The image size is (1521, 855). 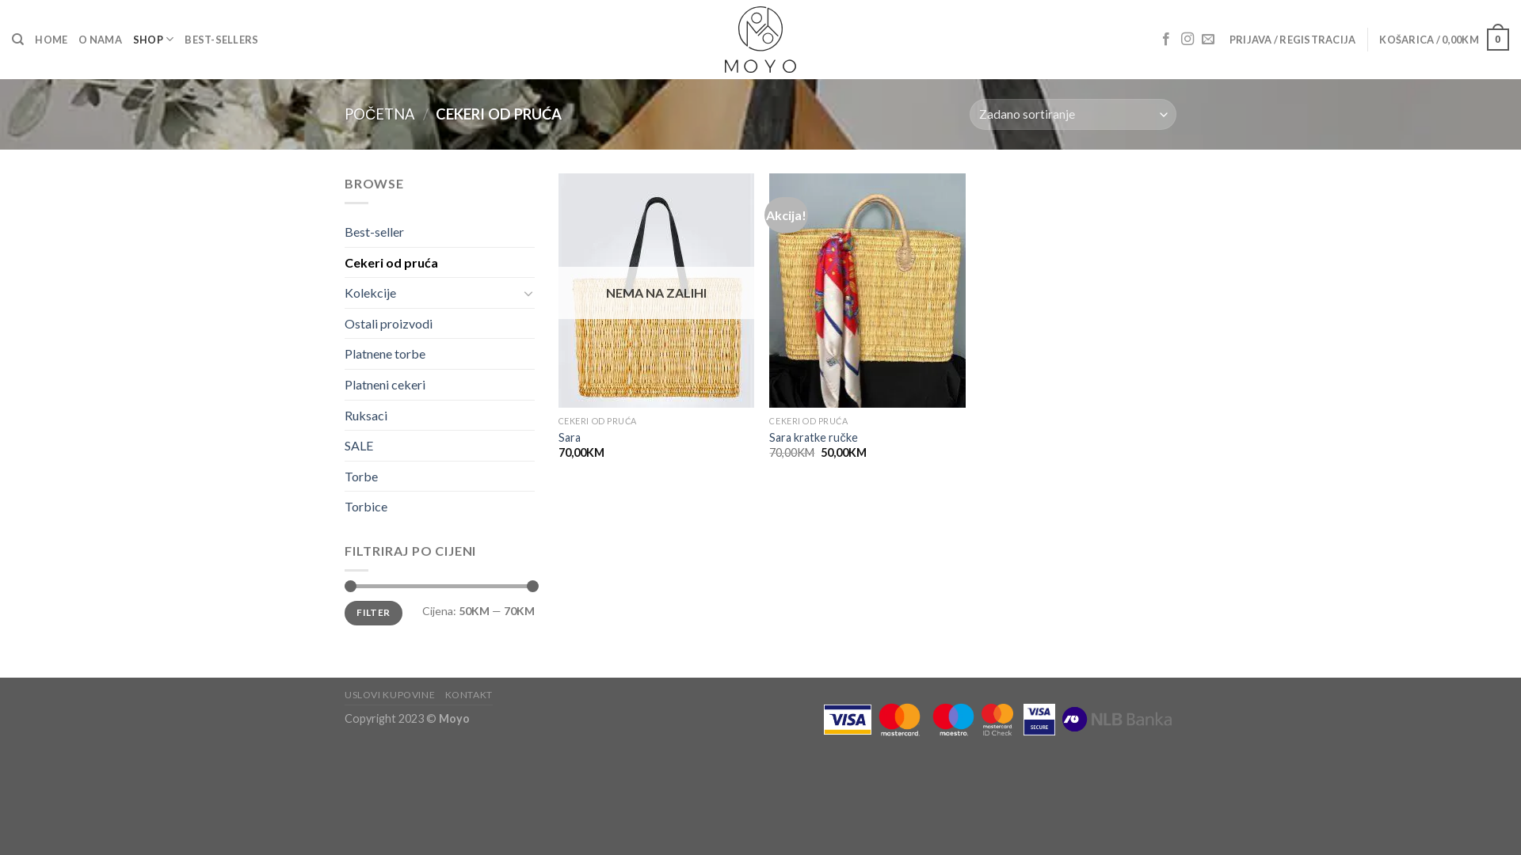 I want to click on 'USLOVI KUPOVINE', so click(x=389, y=693).